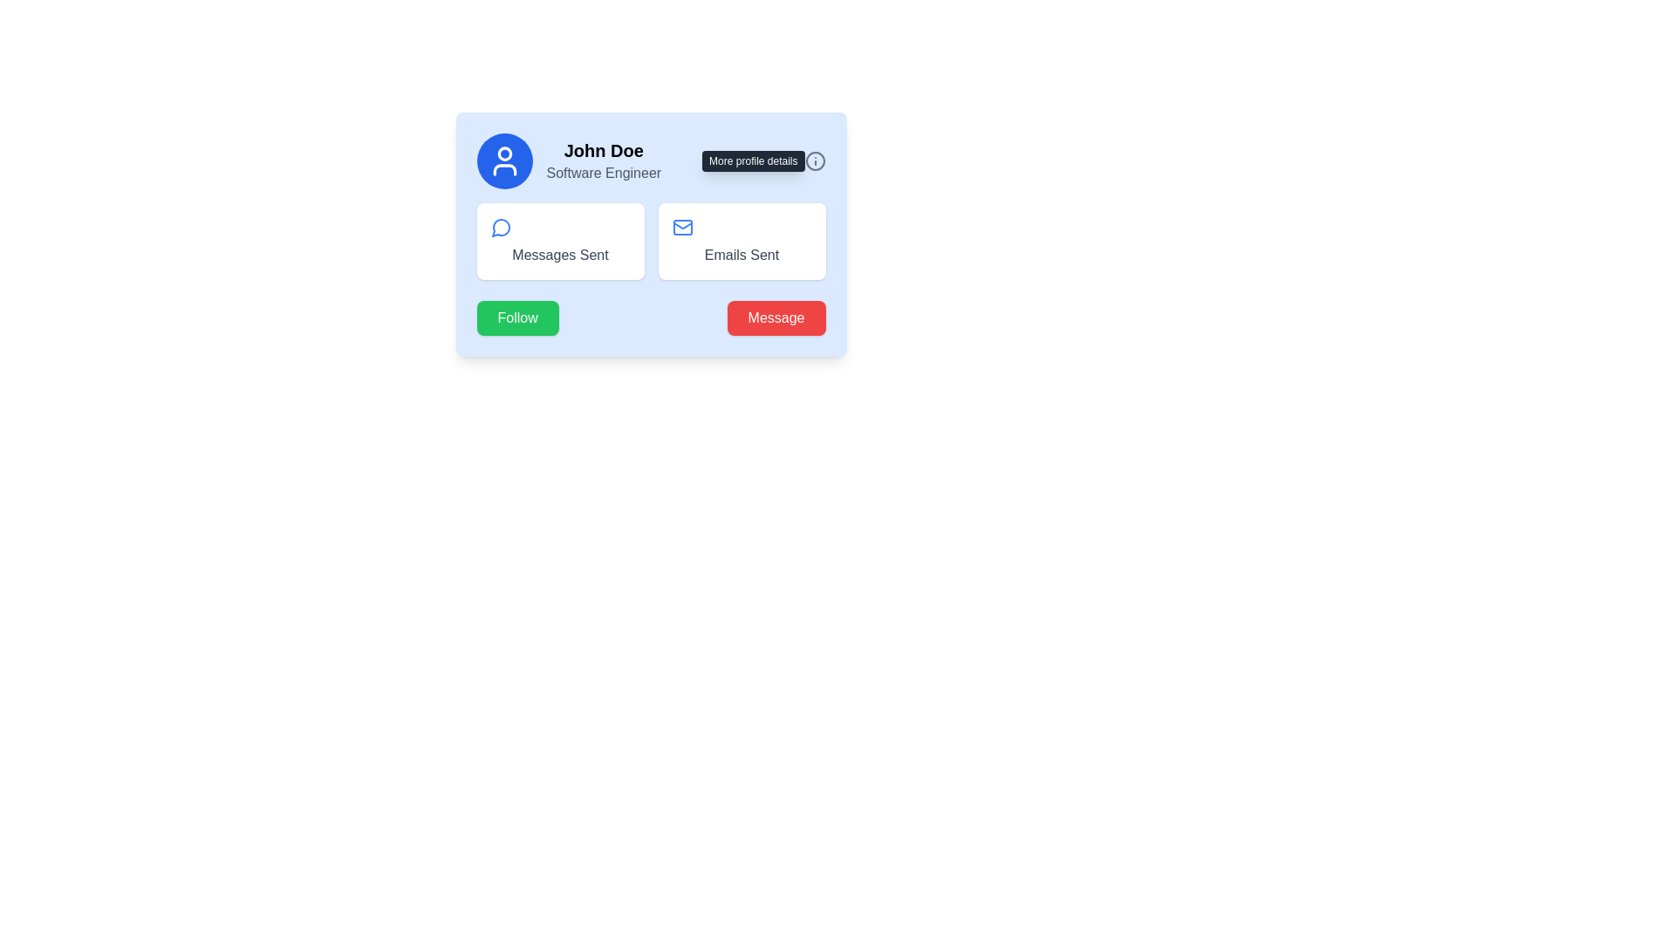 The height and width of the screenshot is (942, 1675). Describe the element at coordinates (604, 174) in the screenshot. I see `the text element displaying 'Software Engineer', which is in a smaller gray font located below the name 'John Doe' in the profile card section` at that location.